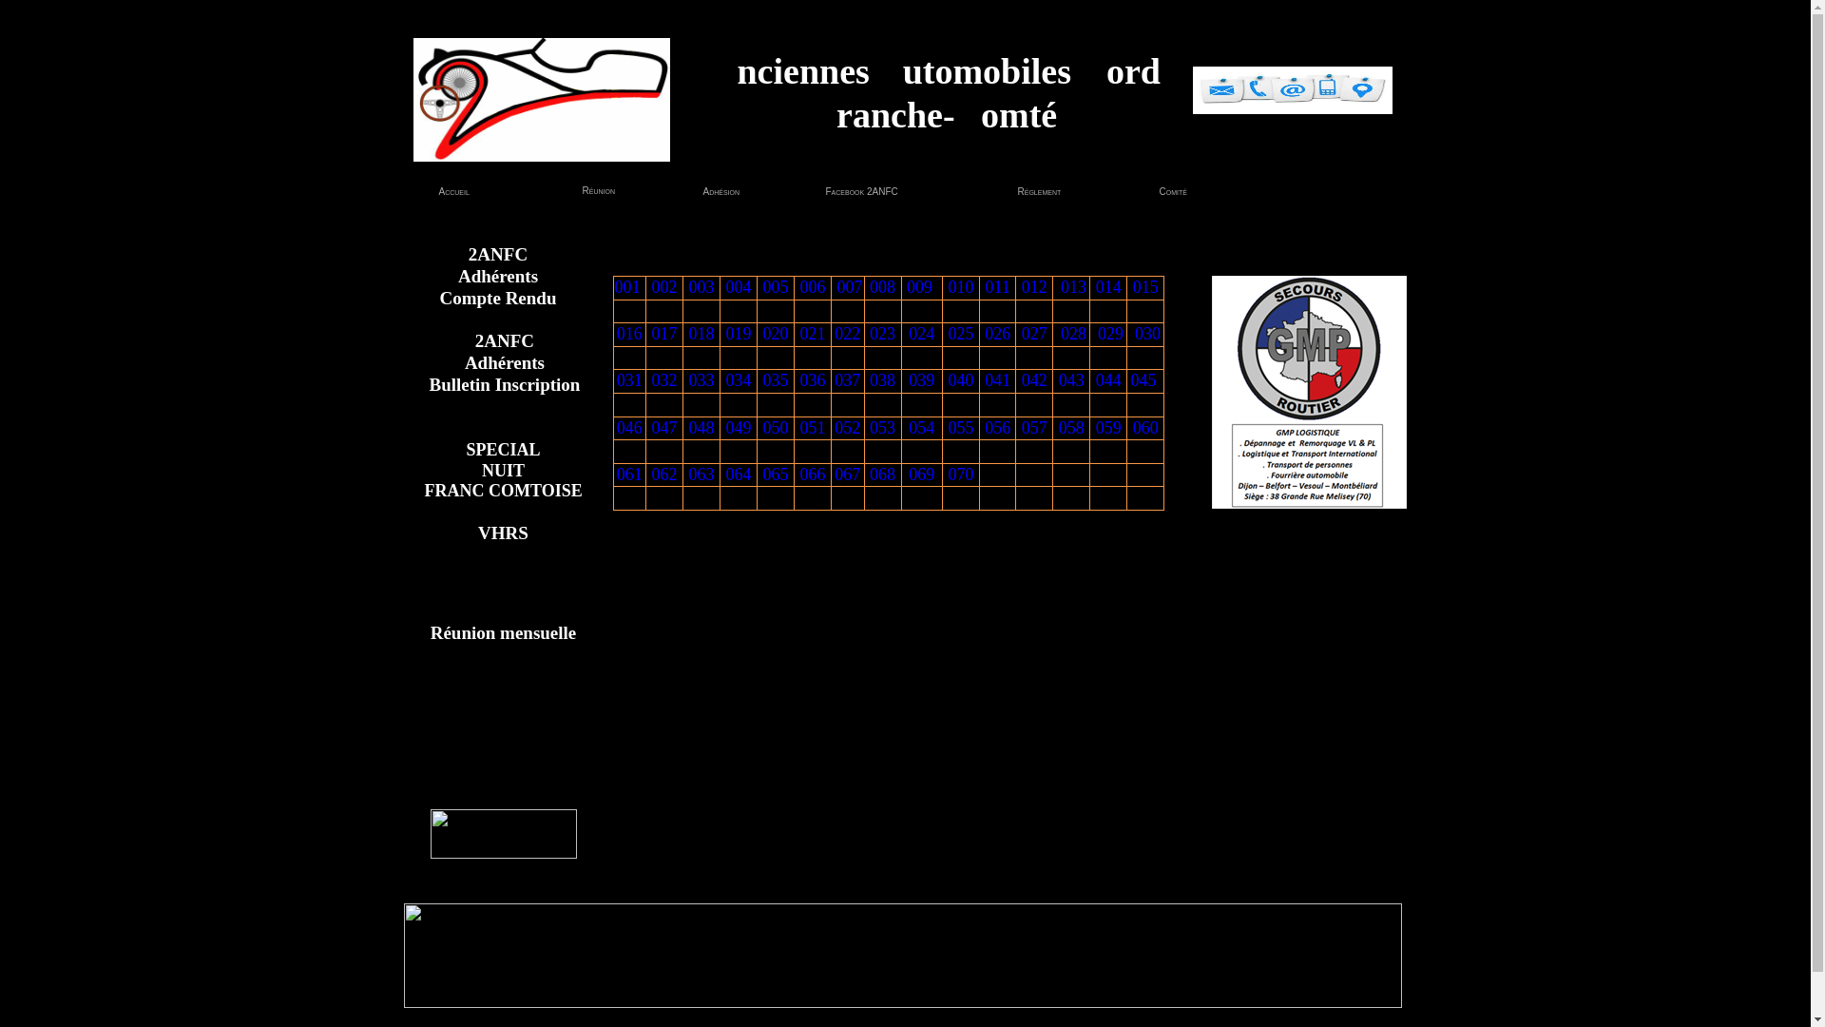 The height and width of the screenshot is (1027, 1825). What do you see at coordinates (687, 380) in the screenshot?
I see `'033'` at bounding box center [687, 380].